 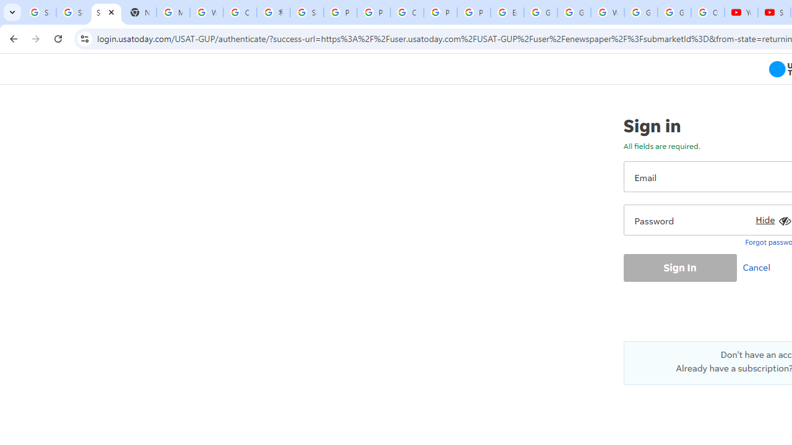 What do you see at coordinates (541, 12) in the screenshot?
I see `'Google Slides: Sign-in'` at bounding box center [541, 12].